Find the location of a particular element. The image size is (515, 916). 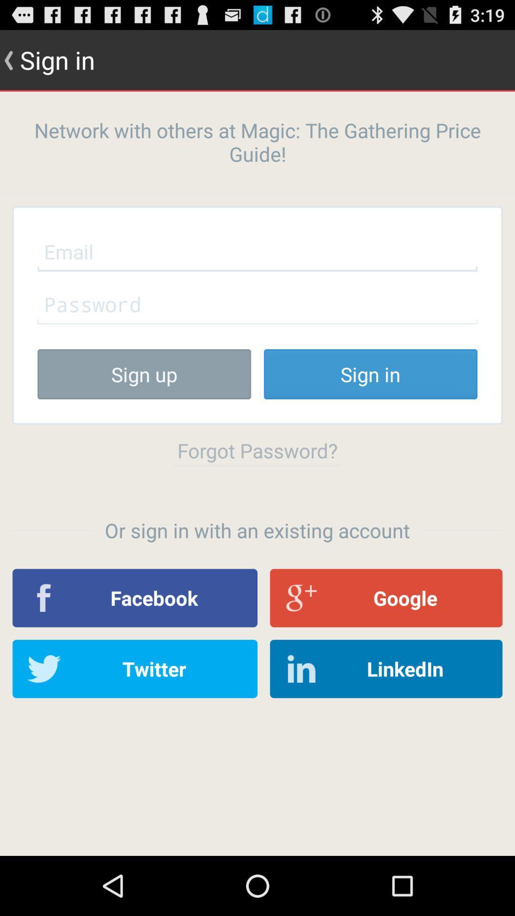

the password input is located at coordinates (257, 303).